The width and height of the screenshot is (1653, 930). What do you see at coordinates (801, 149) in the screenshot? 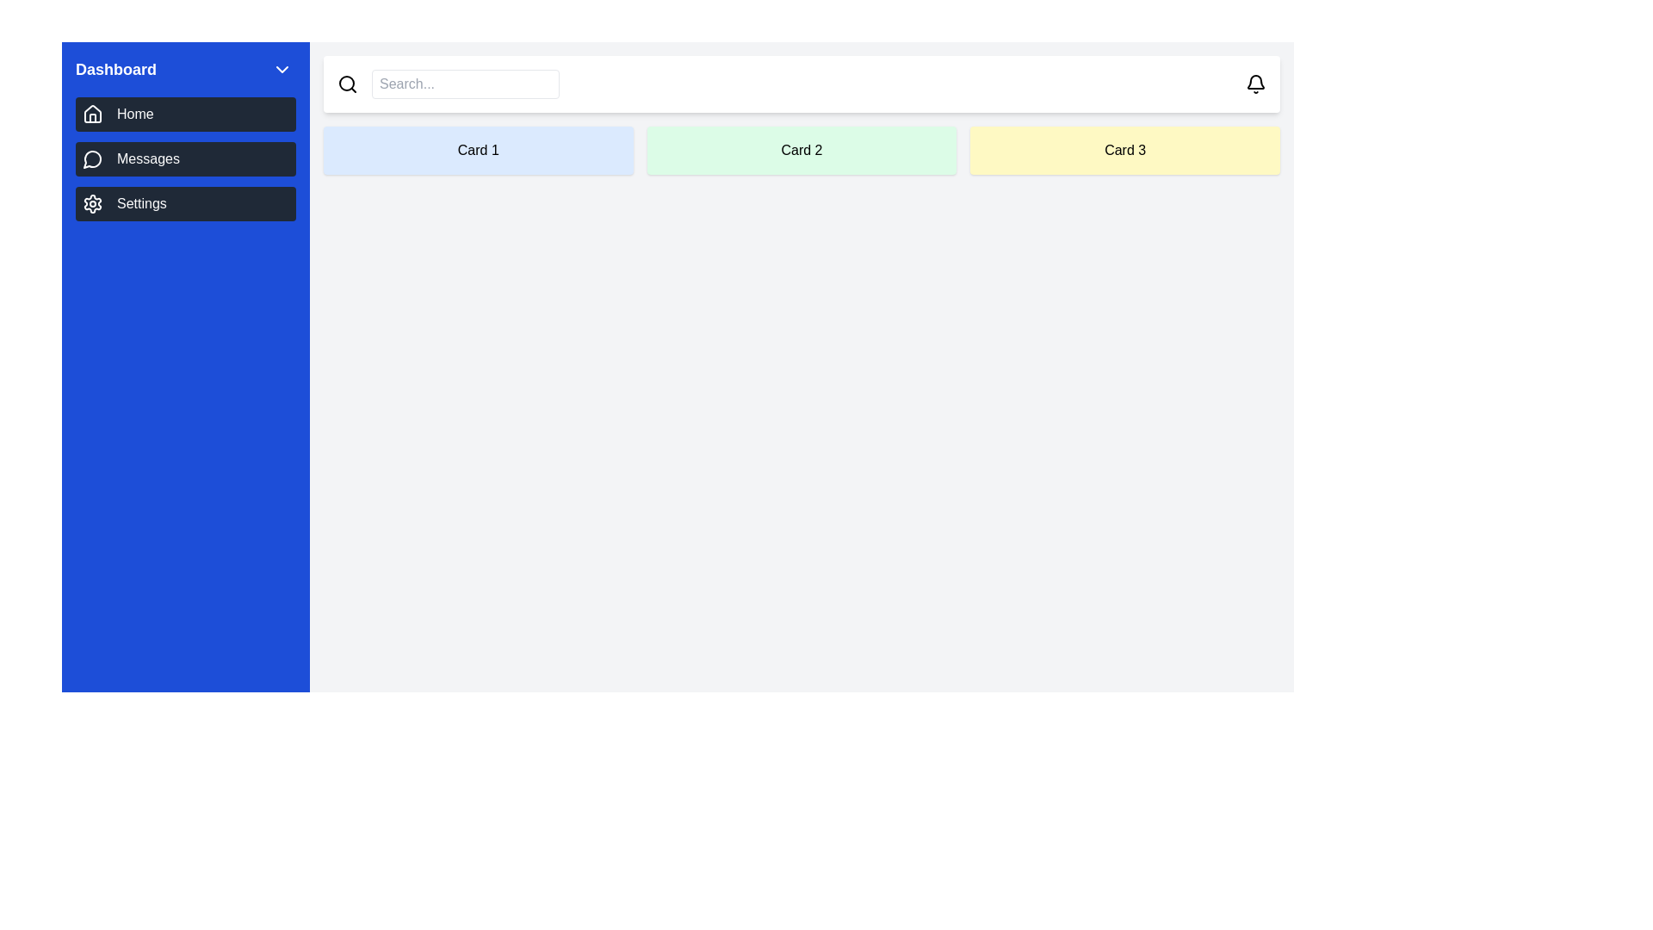
I see `the non-interactive display component labeled 'Card 2', which is the second card in a row of three cards arranged horizontally` at bounding box center [801, 149].